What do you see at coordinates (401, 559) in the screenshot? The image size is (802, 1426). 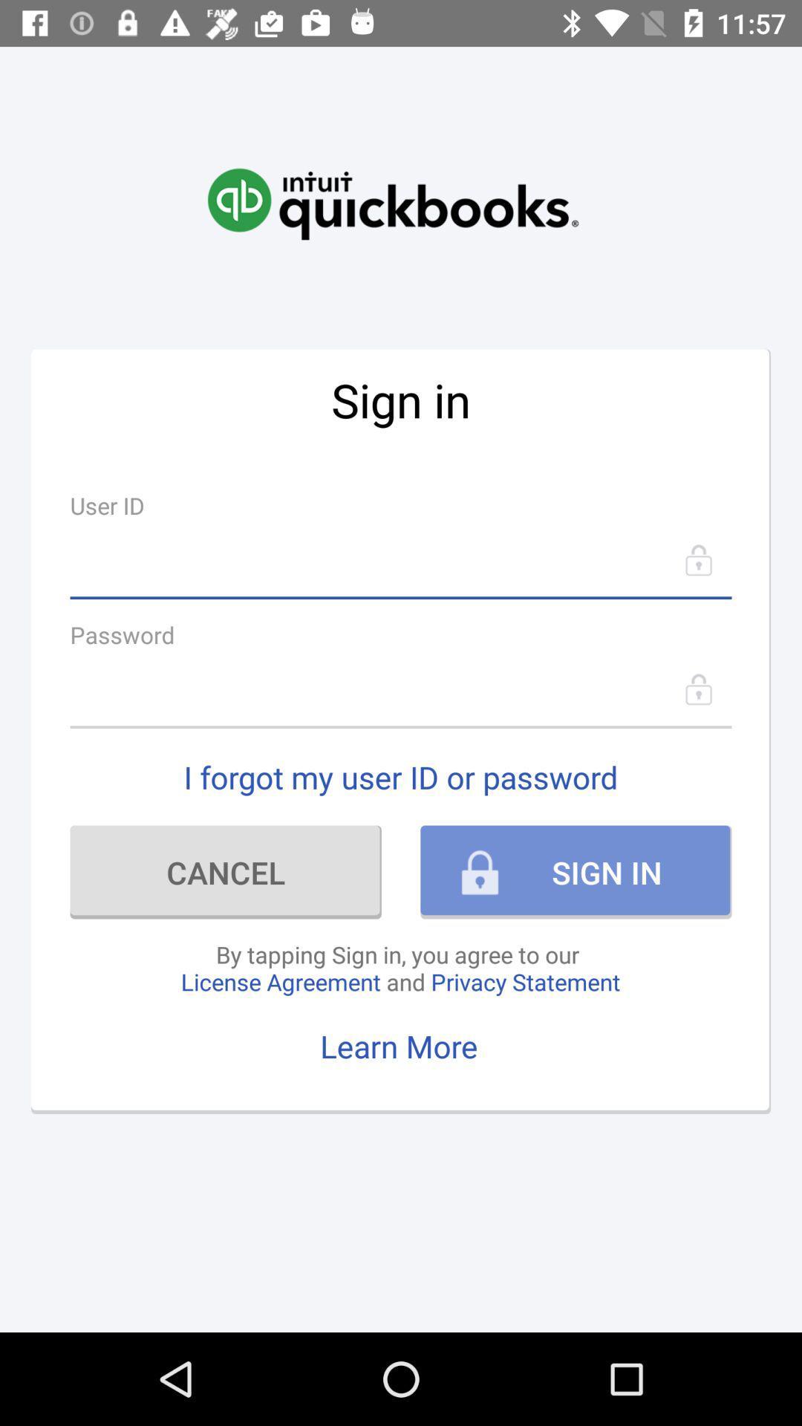 I see `user id` at bounding box center [401, 559].